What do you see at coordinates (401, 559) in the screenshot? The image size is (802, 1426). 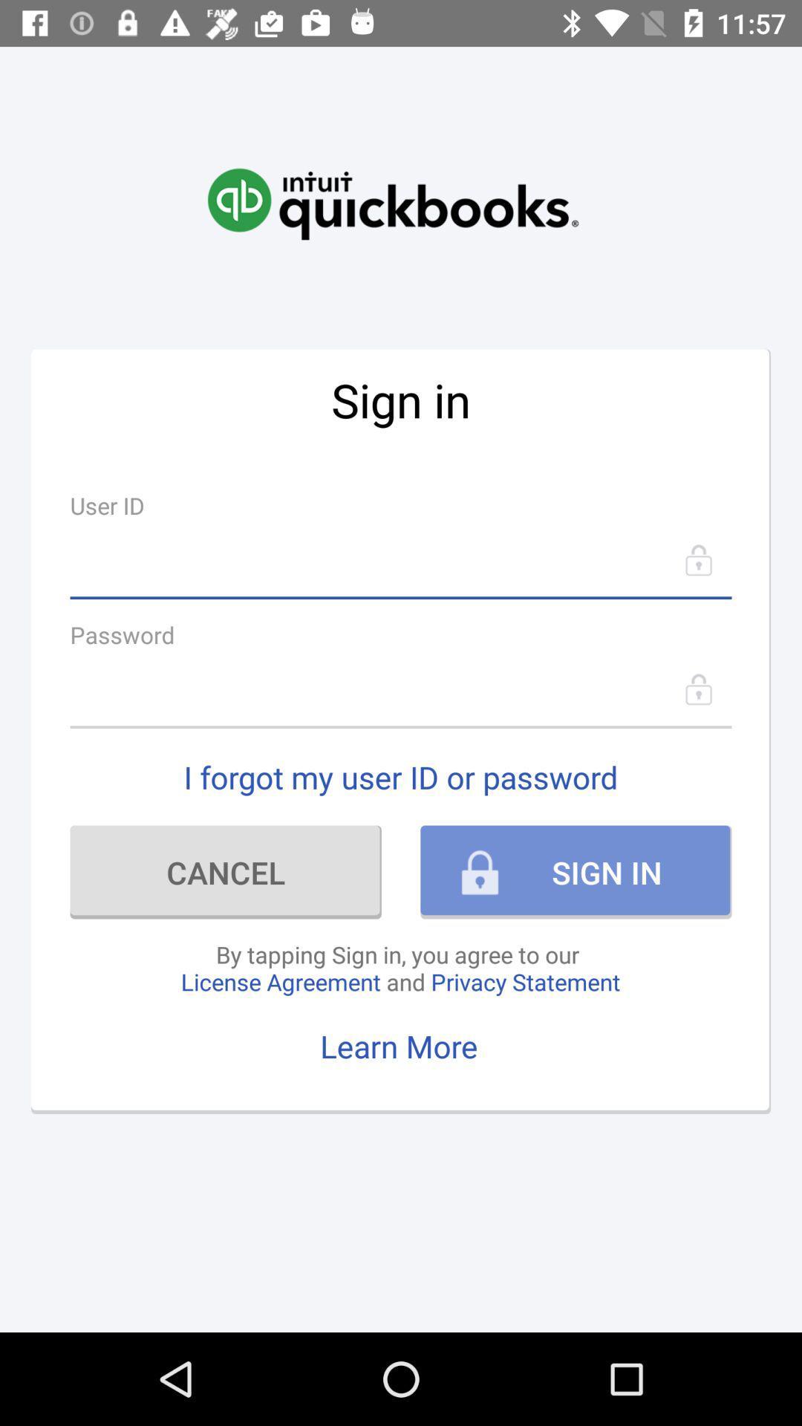 I see `user id` at bounding box center [401, 559].